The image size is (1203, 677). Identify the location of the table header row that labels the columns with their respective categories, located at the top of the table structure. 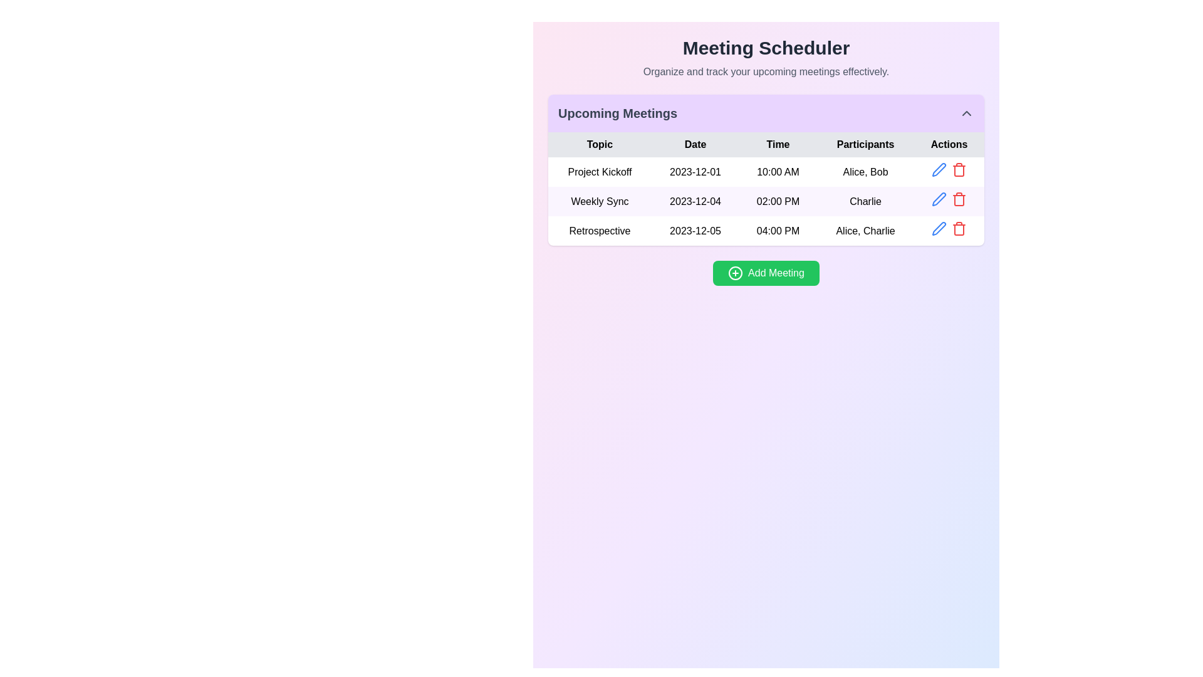
(766, 144).